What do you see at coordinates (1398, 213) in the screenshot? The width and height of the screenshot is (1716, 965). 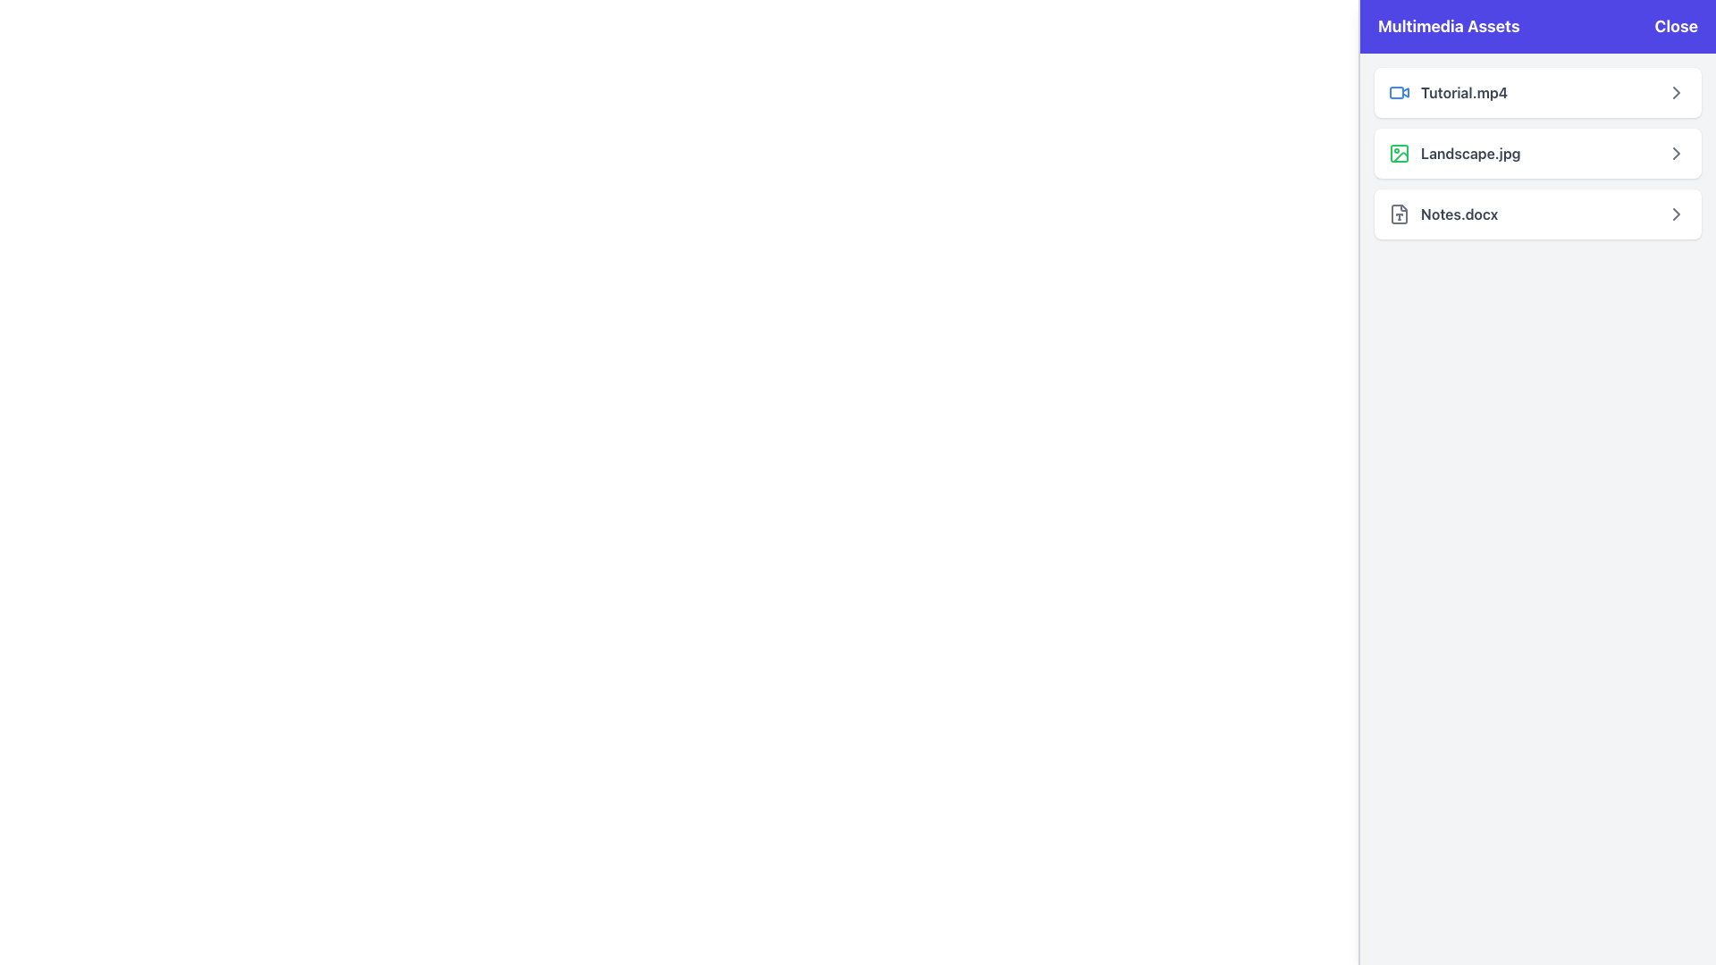 I see `the visual identifier icon for the 'Notes.docx' document file, which is located in the multimedia assets section of the file list, positioned between 'Landscape.jpg' and subsequent items` at bounding box center [1398, 213].